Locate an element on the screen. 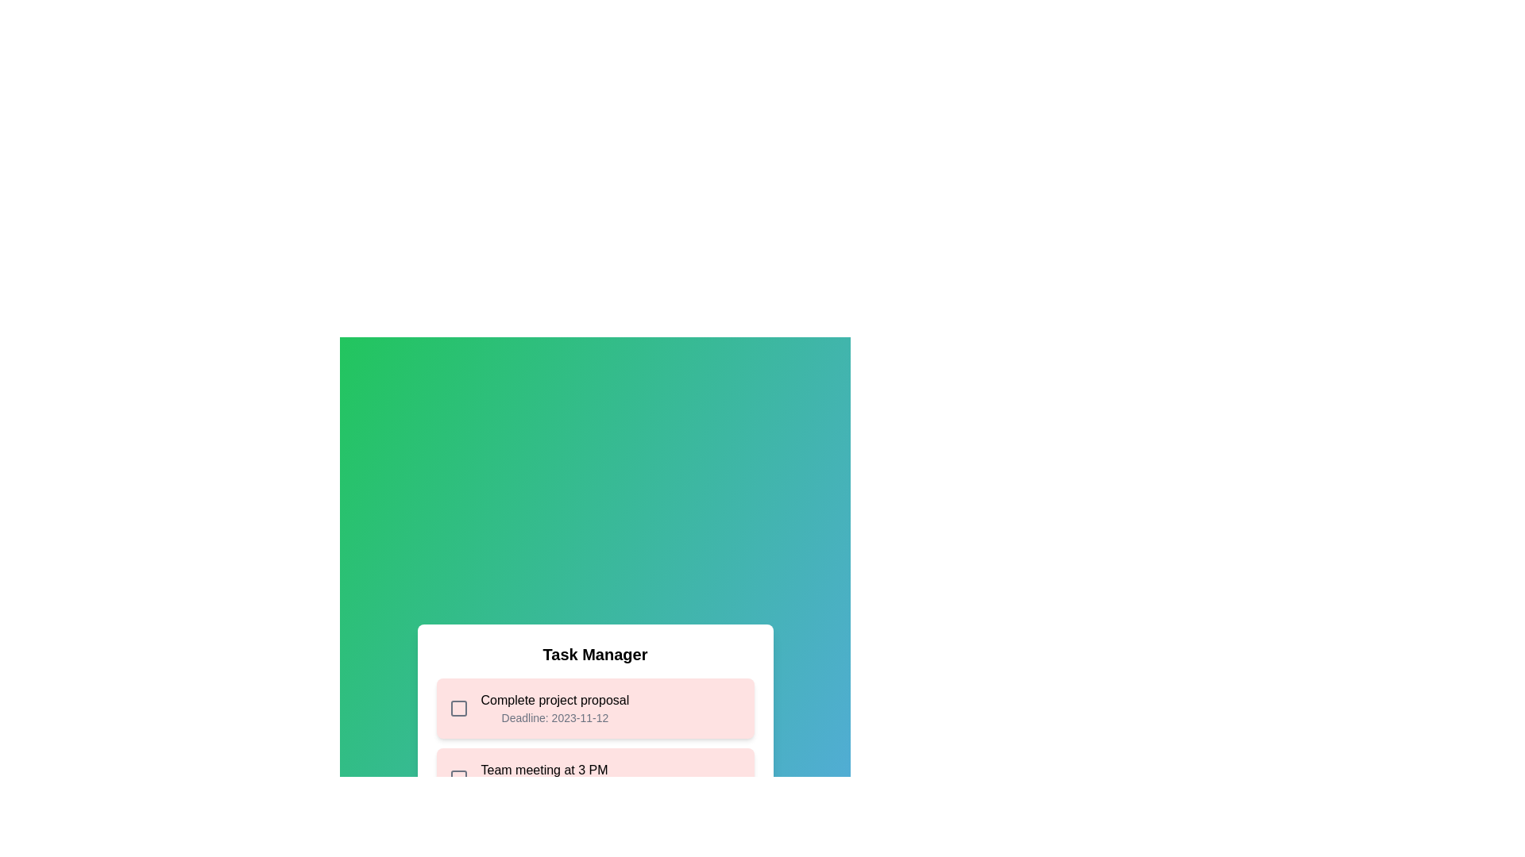 This screenshot has width=1525, height=857. text element displaying 'Deadline: 2023-11-12', which is a smaller, gray-colored font located below the main title 'Complete project proposal' is located at coordinates (554, 718).